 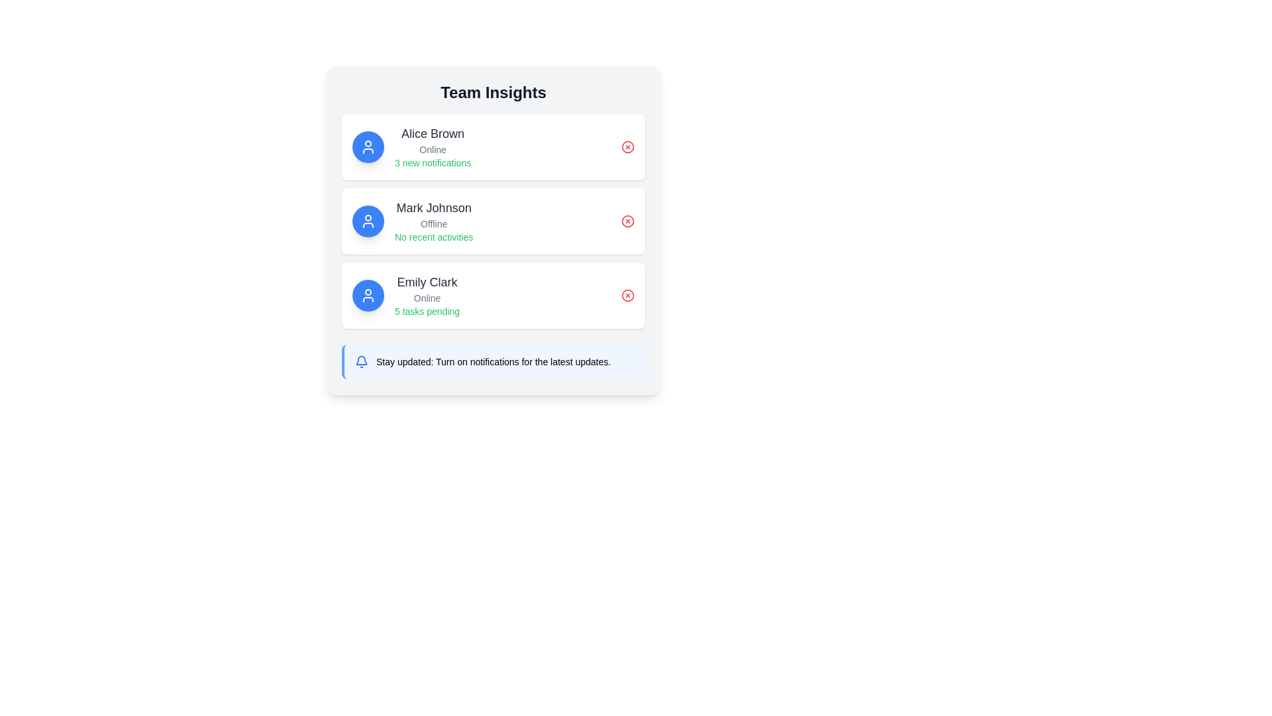 What do you see at coordinates (492, 147) in the screenshot?
I see `user details from the user profile card displaying 'Alice Brown', 'Online', and '3 new notifications' located at the top of the list under 'Team Insights'` at bounding box center [492, 147].